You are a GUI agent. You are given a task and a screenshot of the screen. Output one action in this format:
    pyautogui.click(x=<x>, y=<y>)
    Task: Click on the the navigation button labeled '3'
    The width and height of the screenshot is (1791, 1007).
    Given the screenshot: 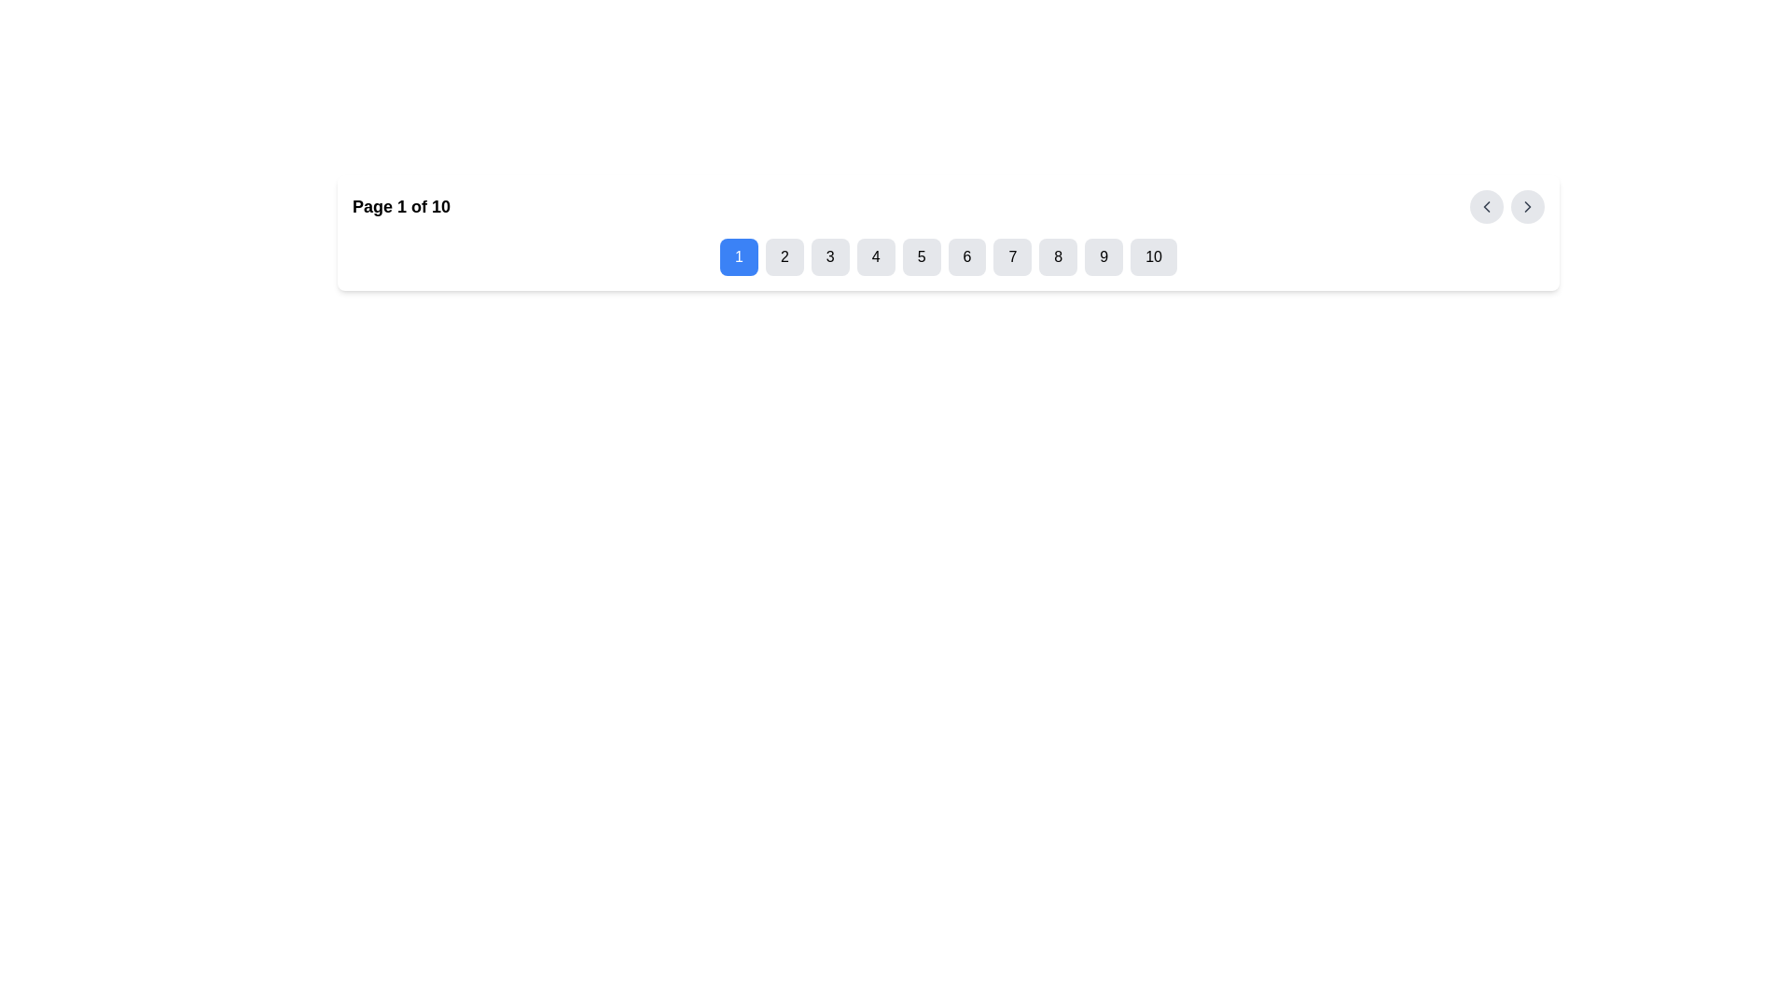 What is the action you would take?
    pyautogui.click(x=829, y=257)
    